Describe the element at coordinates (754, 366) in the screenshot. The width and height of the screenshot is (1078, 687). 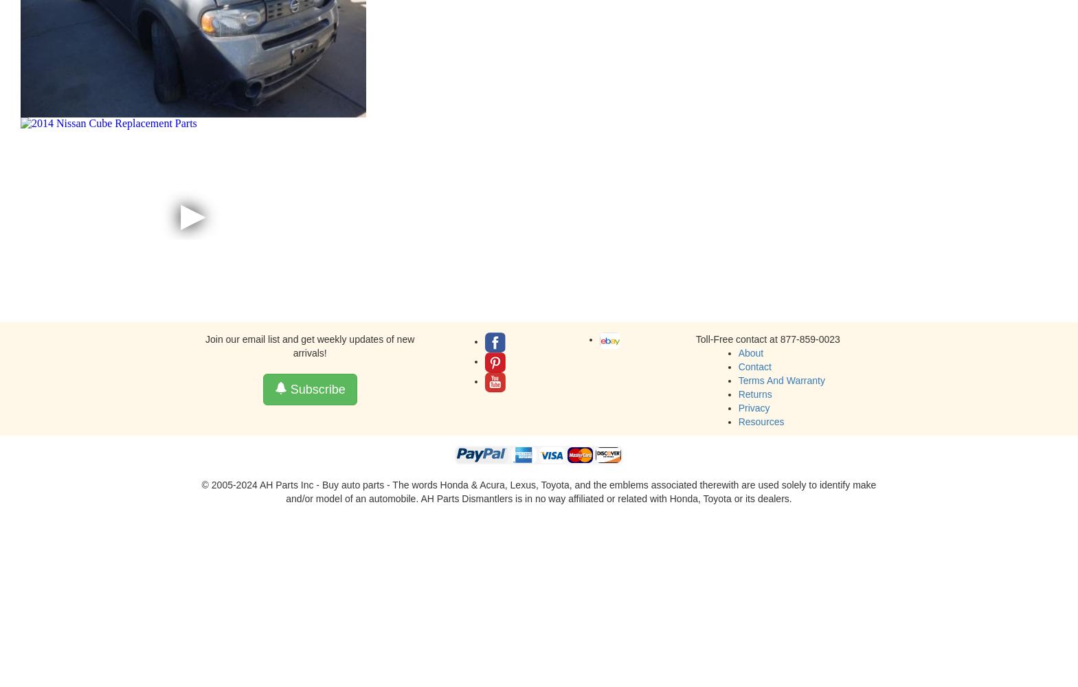
I see `'Contact'` at that location.